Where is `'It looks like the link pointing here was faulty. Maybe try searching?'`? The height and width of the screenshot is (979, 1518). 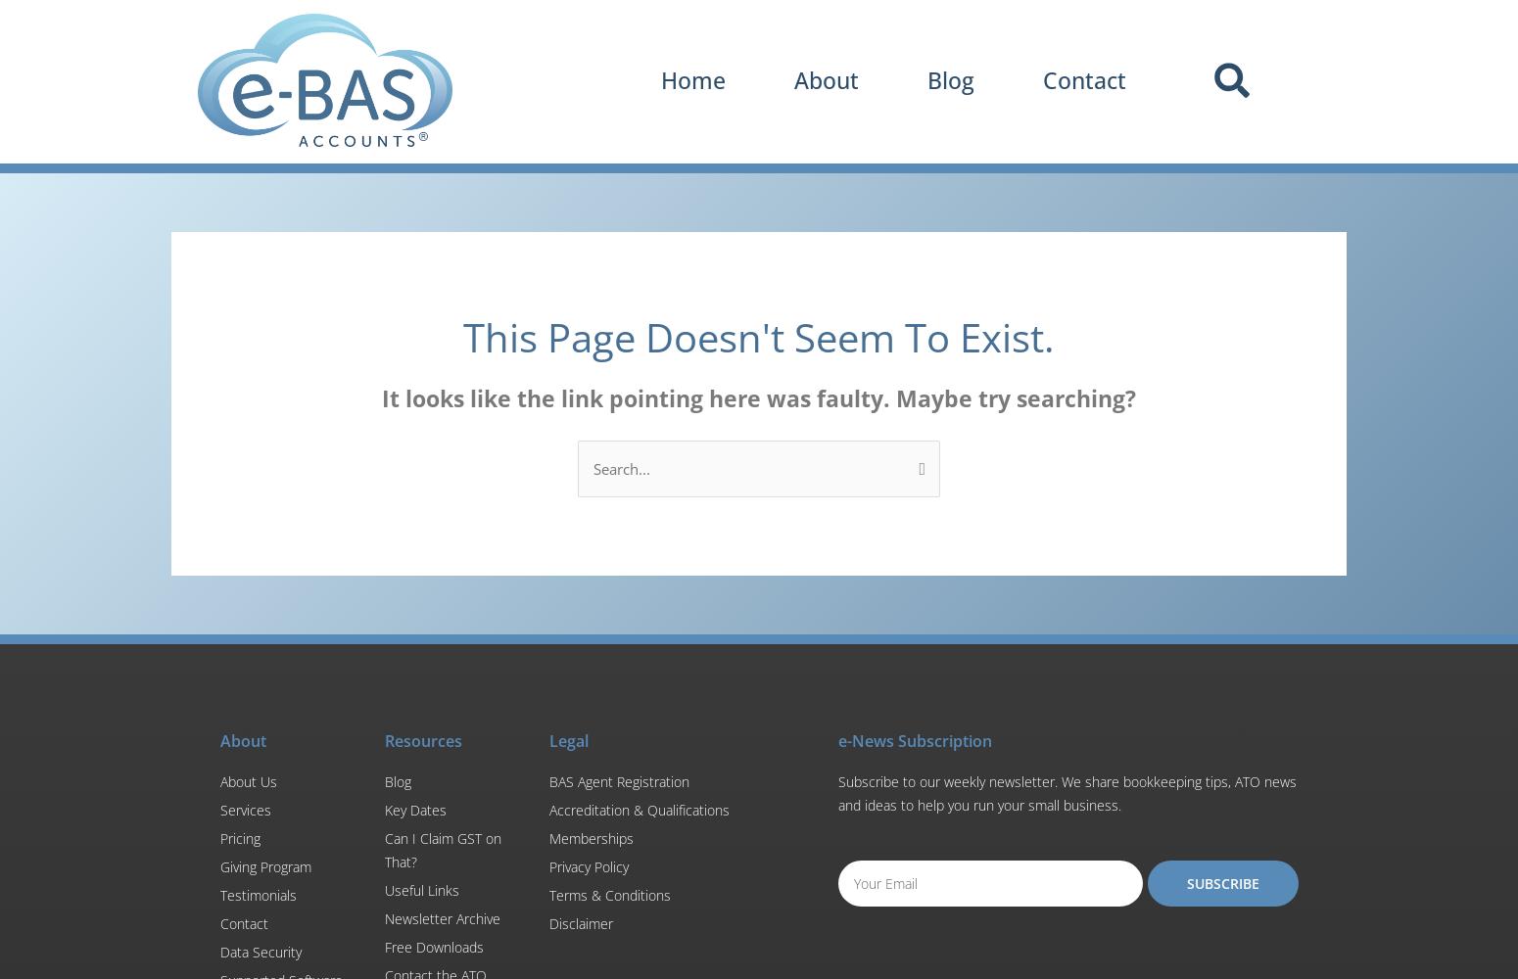
'It looks like the link pointing here was faulty. Maybe try searching?' is located at coordinates (759, 397).